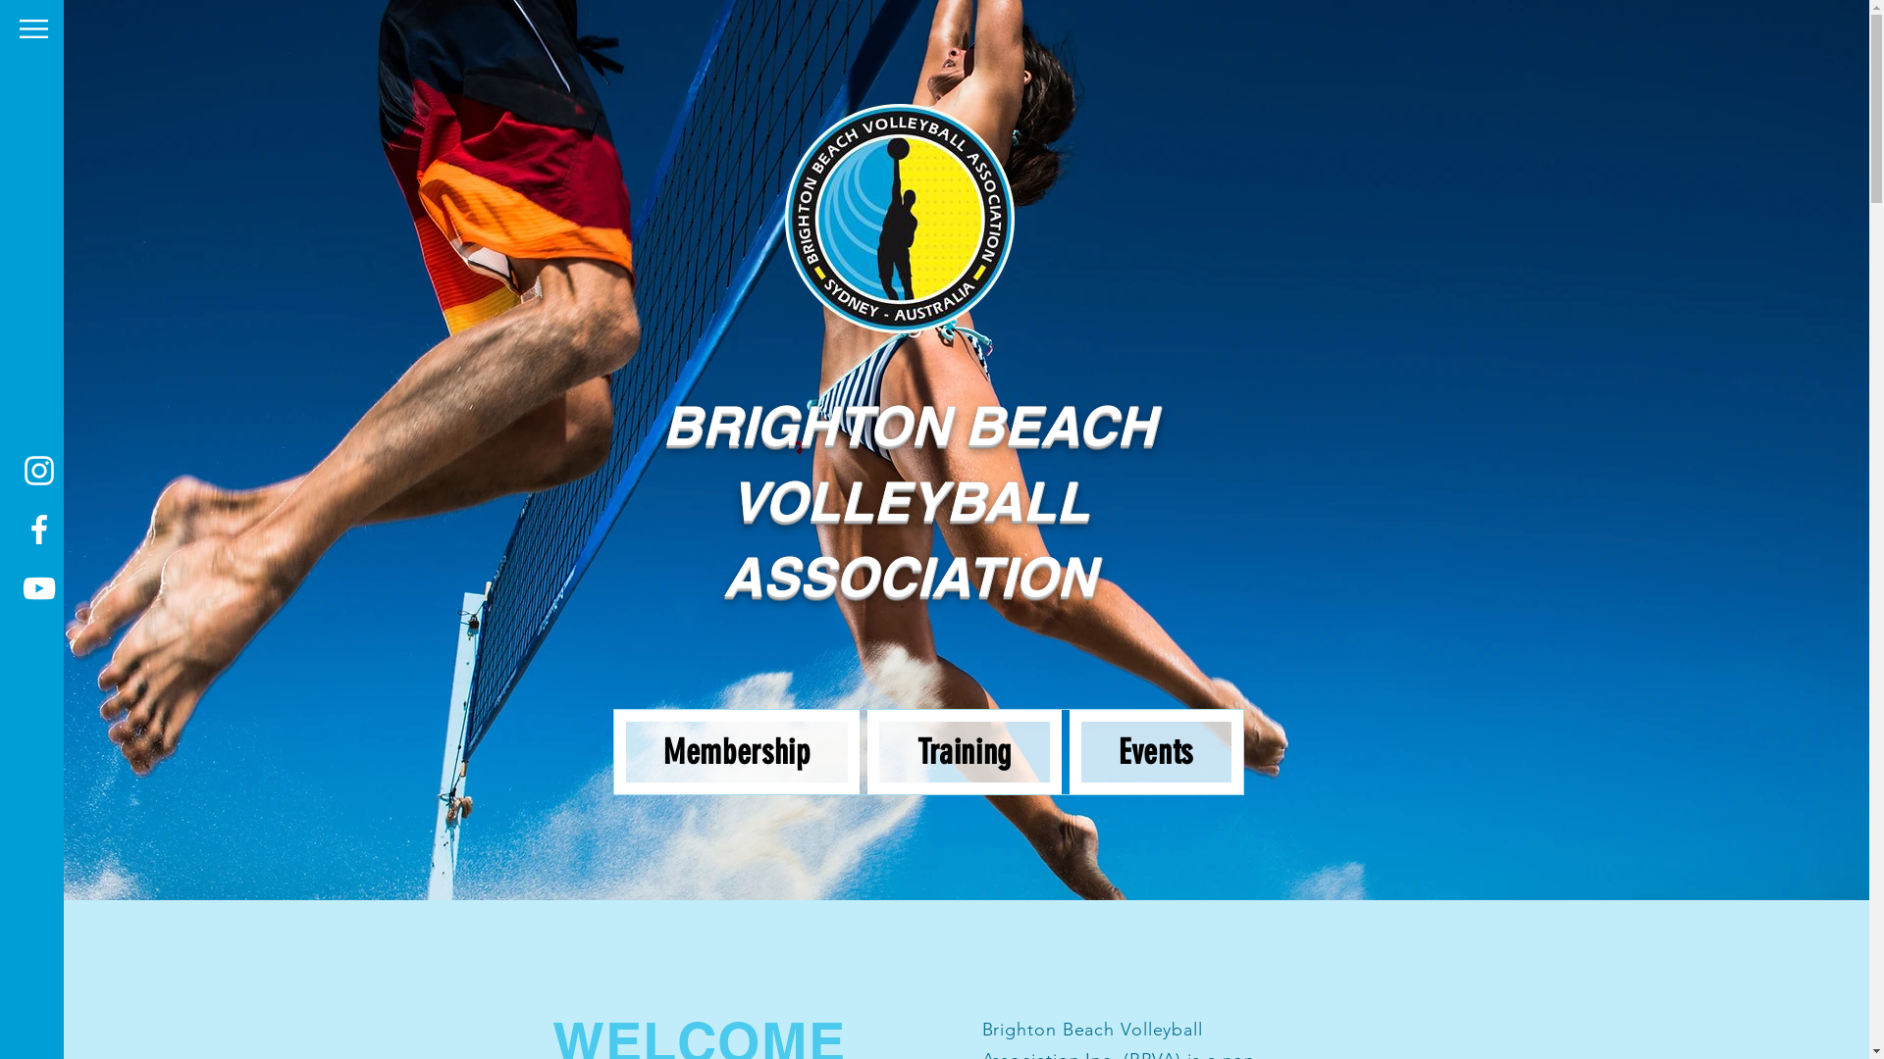  I want to click on 'Membership', so click(736, 751).